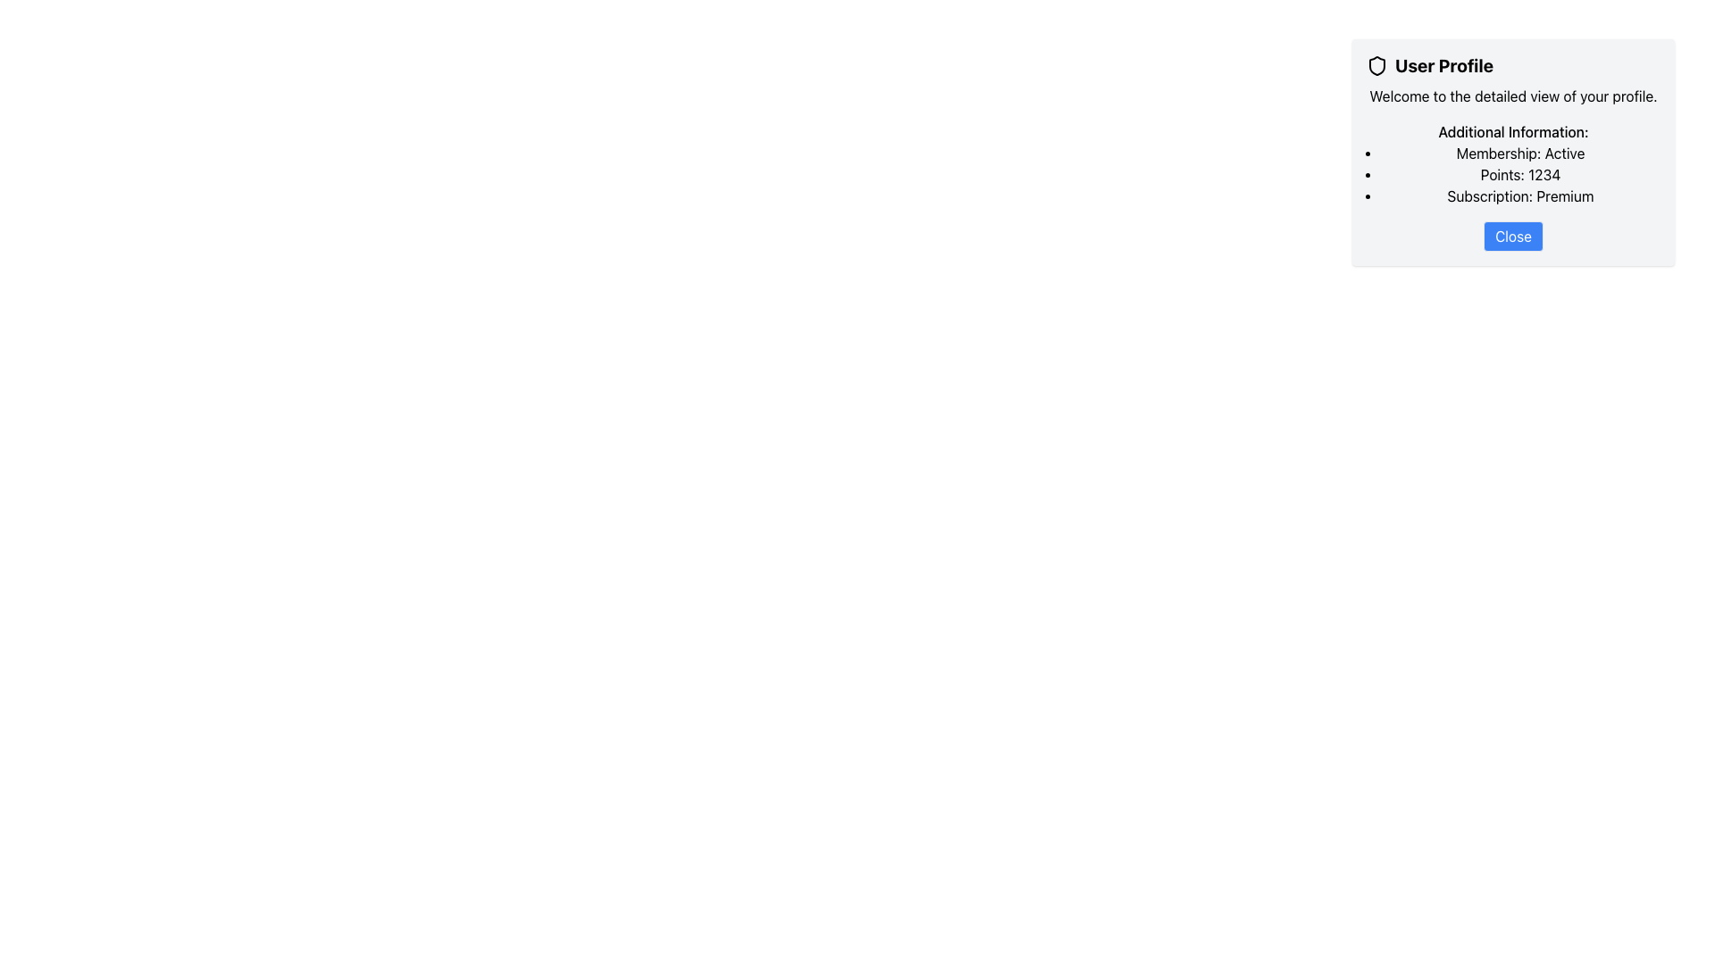 The height and width of the screenshot is (964, 1715). I want to click on the text element displaying 'Points: 1234' in the bulleted list under 'Additional Information' if it is interactive, so click(1519, 175).